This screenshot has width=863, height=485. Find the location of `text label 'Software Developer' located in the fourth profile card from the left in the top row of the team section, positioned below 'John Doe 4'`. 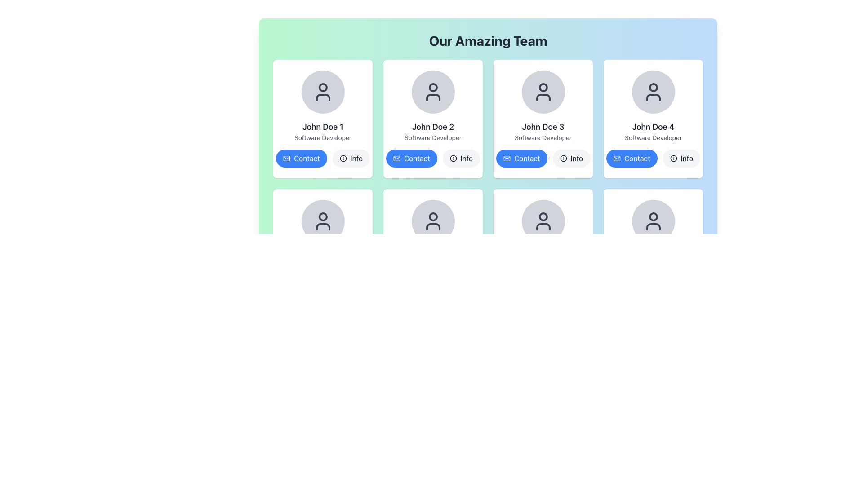

text label 'Software Developer' located in the fourth profile card from the left in the top row of the team section, positioned below 'John Doe 4' is located at coordinates (653, 138).